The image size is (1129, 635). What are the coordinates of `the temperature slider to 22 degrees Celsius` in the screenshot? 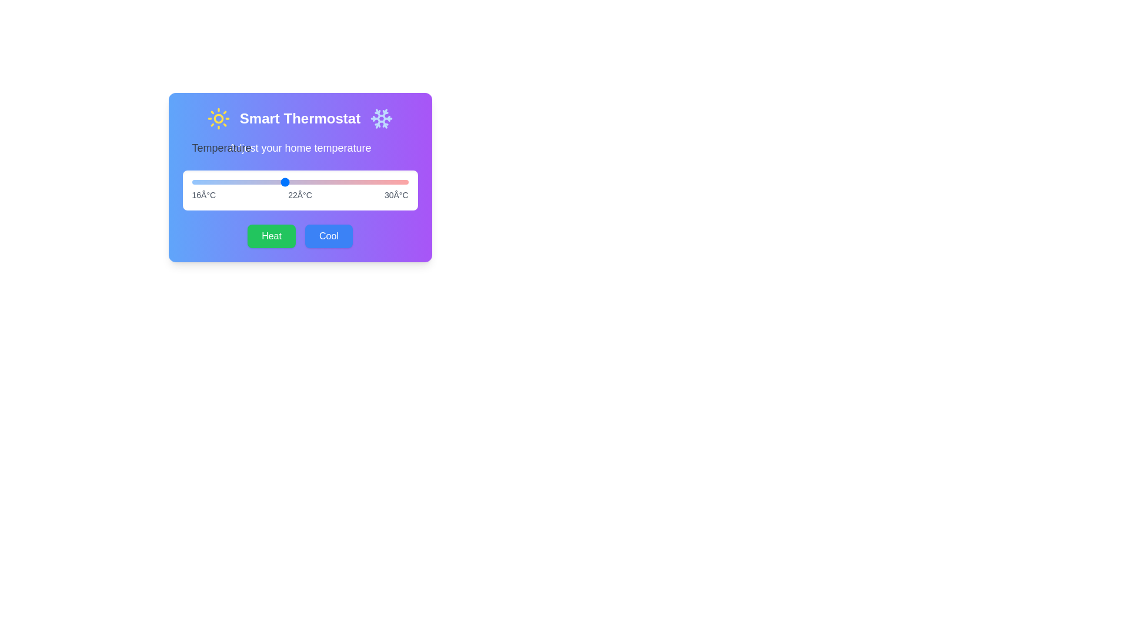 It's located at (285, 182).